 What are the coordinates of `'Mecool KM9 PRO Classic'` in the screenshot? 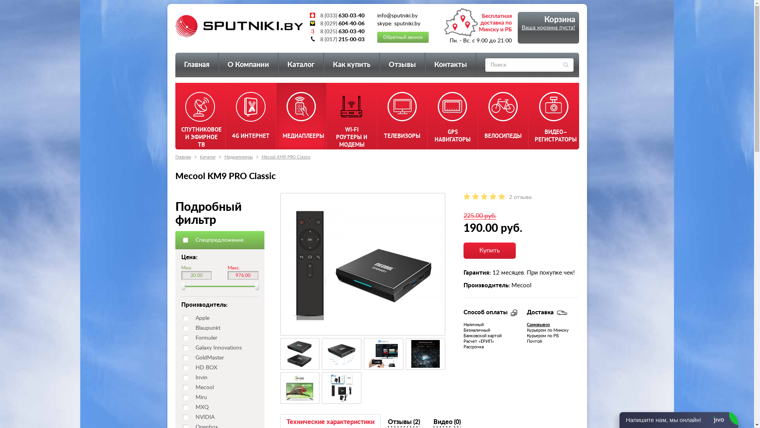 It's located at (300, 353).